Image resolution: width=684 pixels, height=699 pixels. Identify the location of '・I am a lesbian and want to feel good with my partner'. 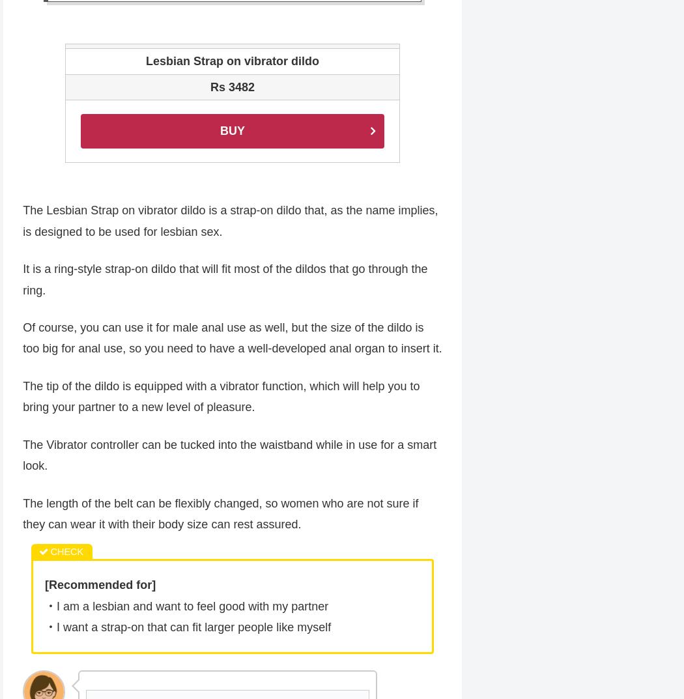
(186, 607).